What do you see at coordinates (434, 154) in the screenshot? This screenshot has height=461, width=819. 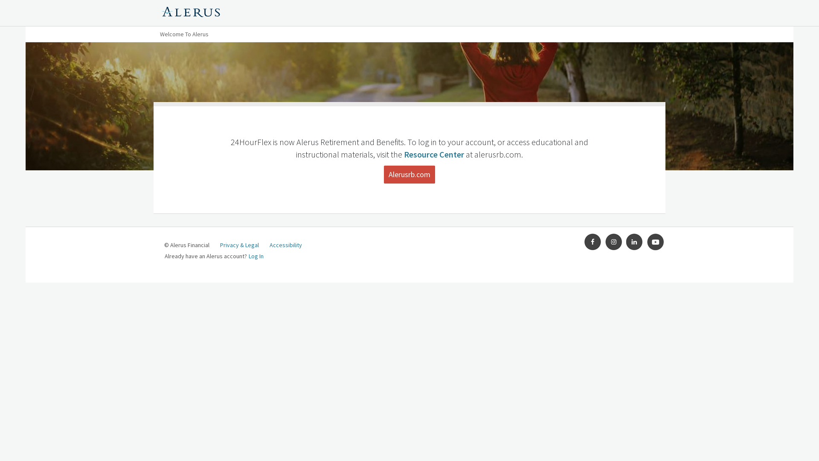 I see `'Resource Center'` at bounding box center [434, 154].